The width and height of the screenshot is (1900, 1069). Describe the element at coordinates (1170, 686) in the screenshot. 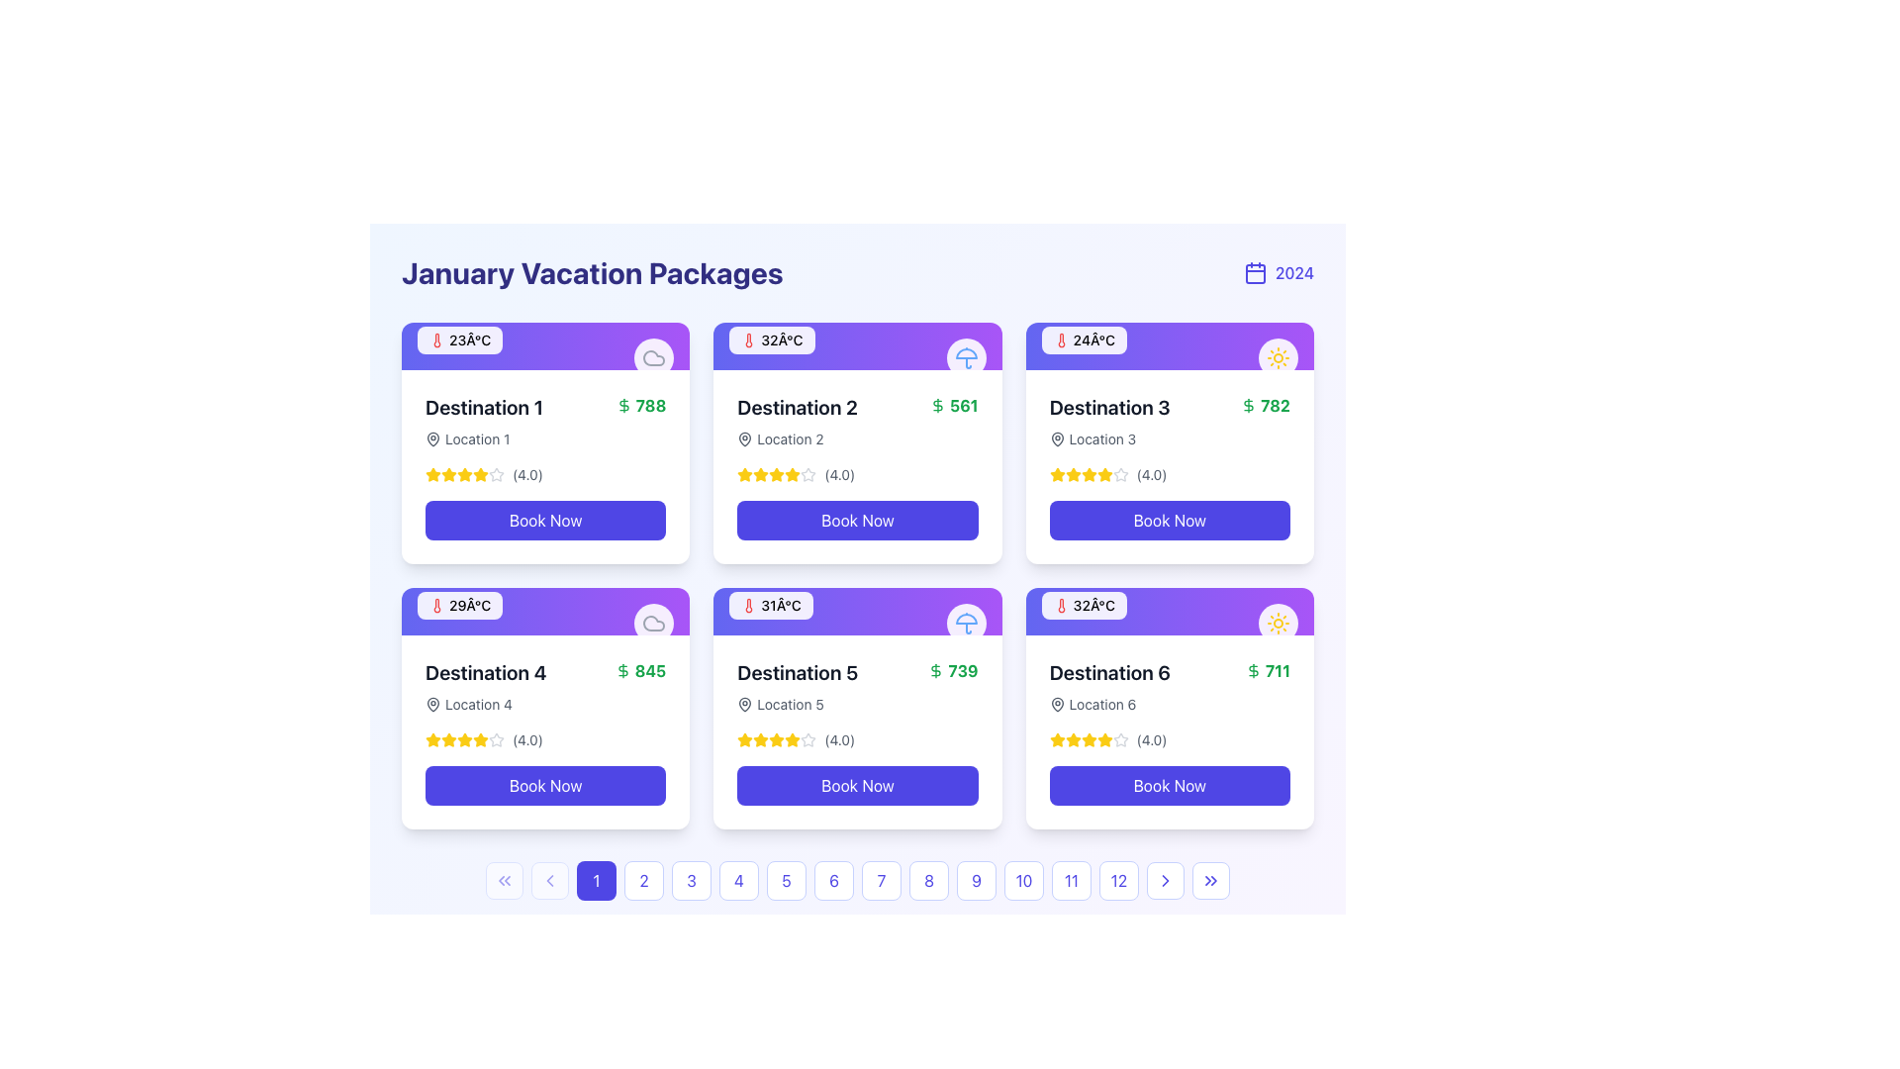

I see `the Informational card displaying 'Destination 6' with price '$711' located in the bottom row, third column of the grid` at that location.